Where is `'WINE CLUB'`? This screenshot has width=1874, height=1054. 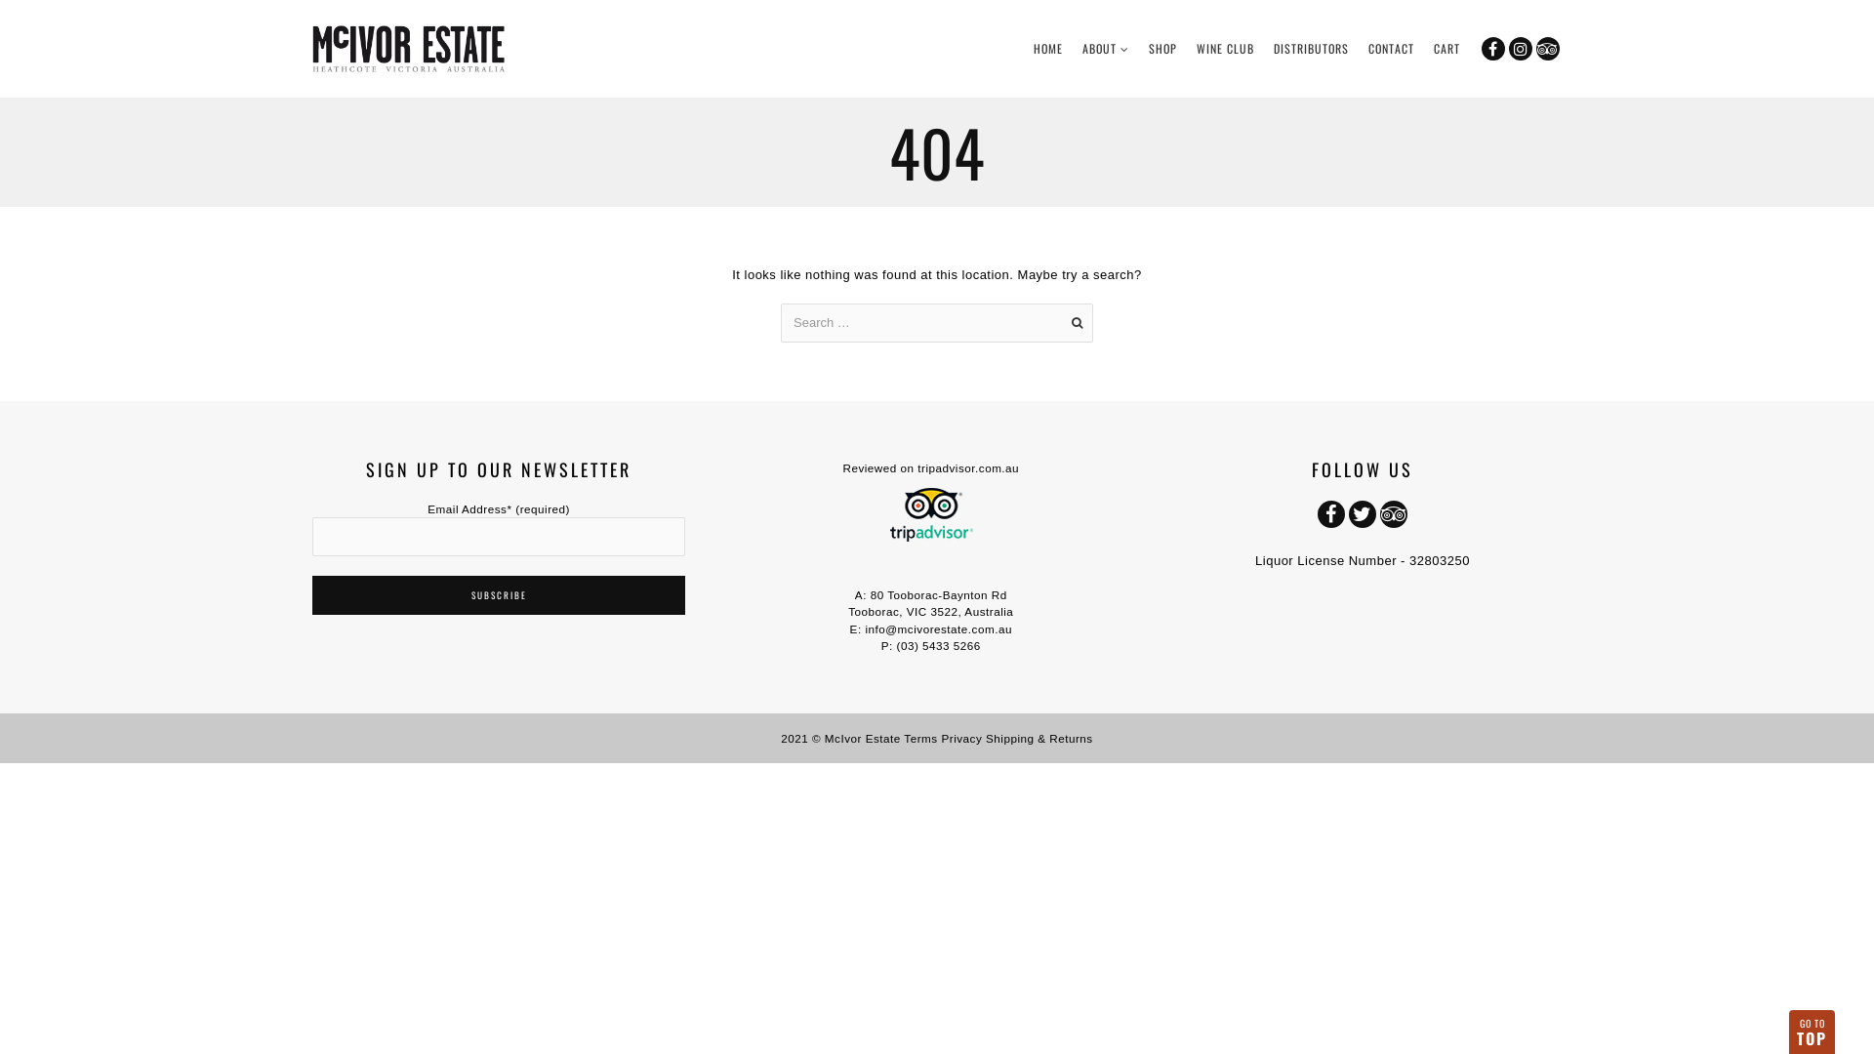
'WINE CLUB' is located at coordinates (1224, 48).